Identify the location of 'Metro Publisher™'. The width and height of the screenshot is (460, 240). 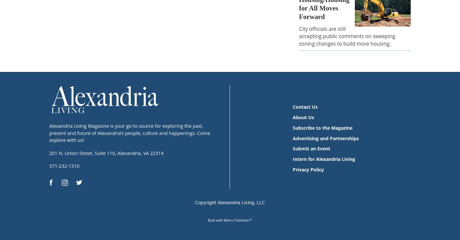
(238, 220).